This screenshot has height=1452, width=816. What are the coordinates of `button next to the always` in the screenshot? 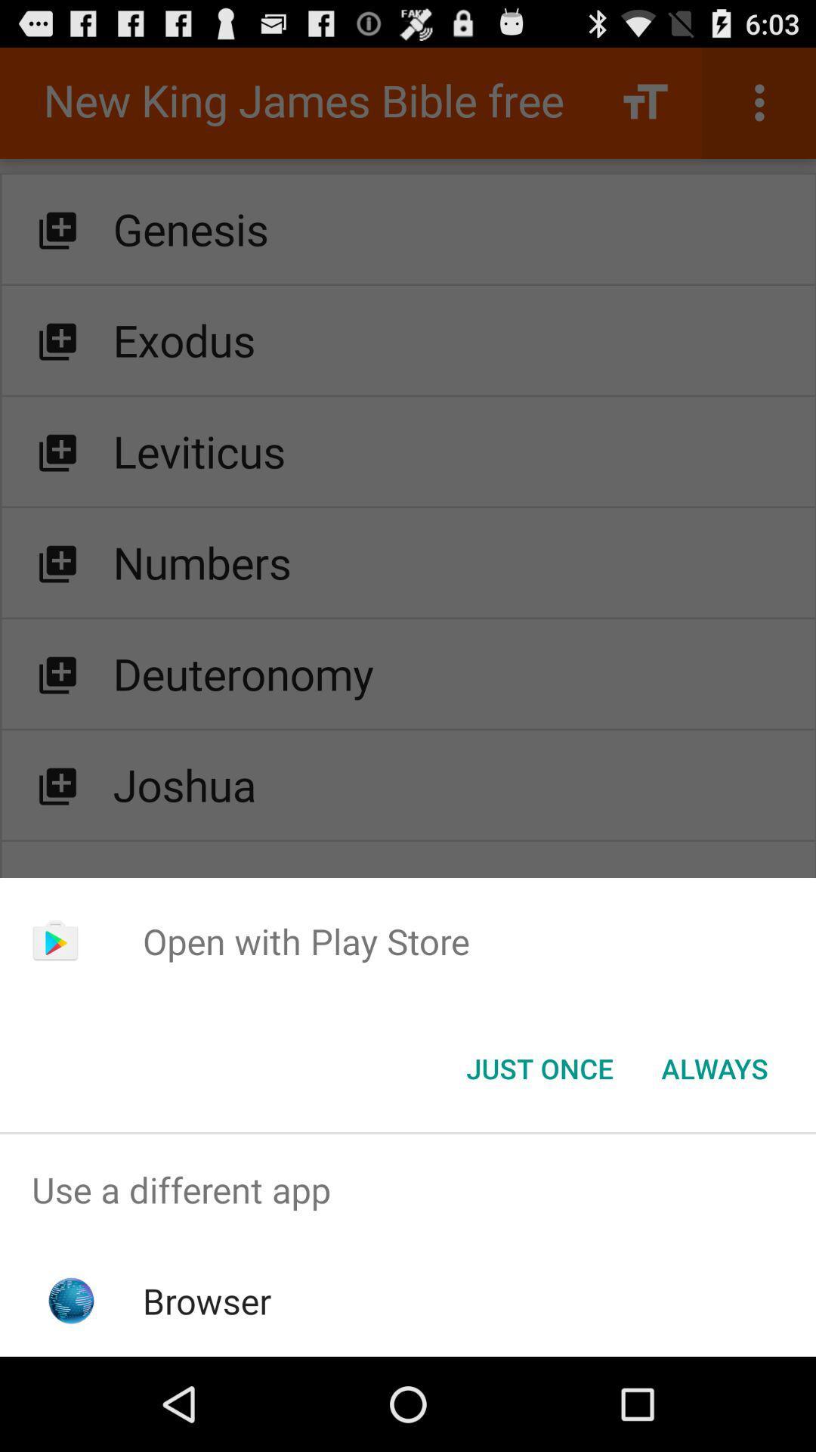 It's located at (539, 1067).